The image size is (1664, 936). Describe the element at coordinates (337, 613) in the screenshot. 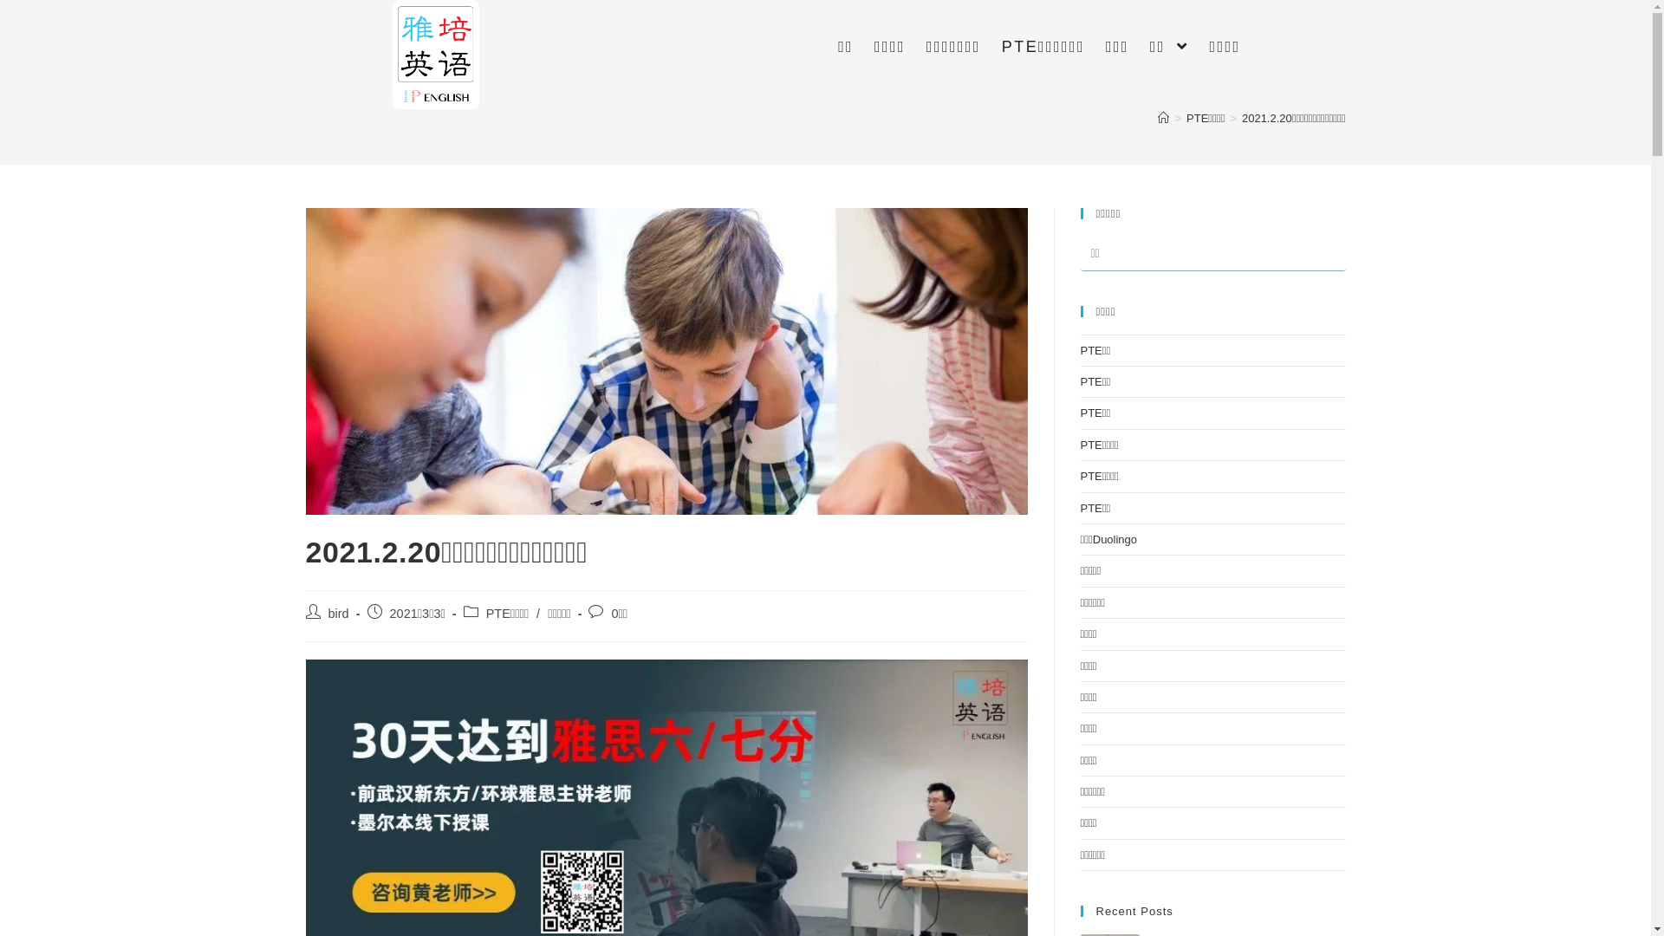

I see `'bird'` at that location.